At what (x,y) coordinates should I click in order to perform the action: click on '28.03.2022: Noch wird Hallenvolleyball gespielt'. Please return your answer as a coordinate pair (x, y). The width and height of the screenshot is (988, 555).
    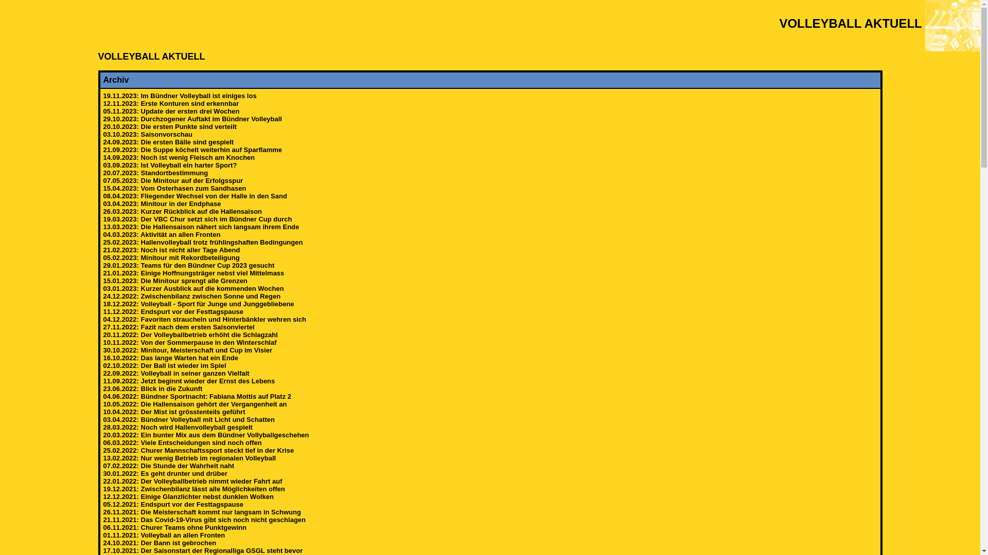
    Looking at the image, I should click on (178, 427).